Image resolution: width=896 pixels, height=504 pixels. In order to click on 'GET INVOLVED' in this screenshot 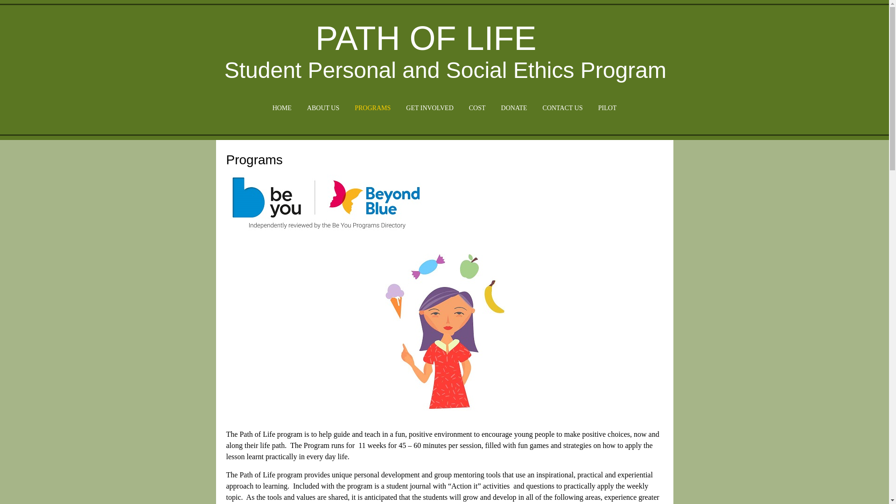, I will do `click(429, 107)`.